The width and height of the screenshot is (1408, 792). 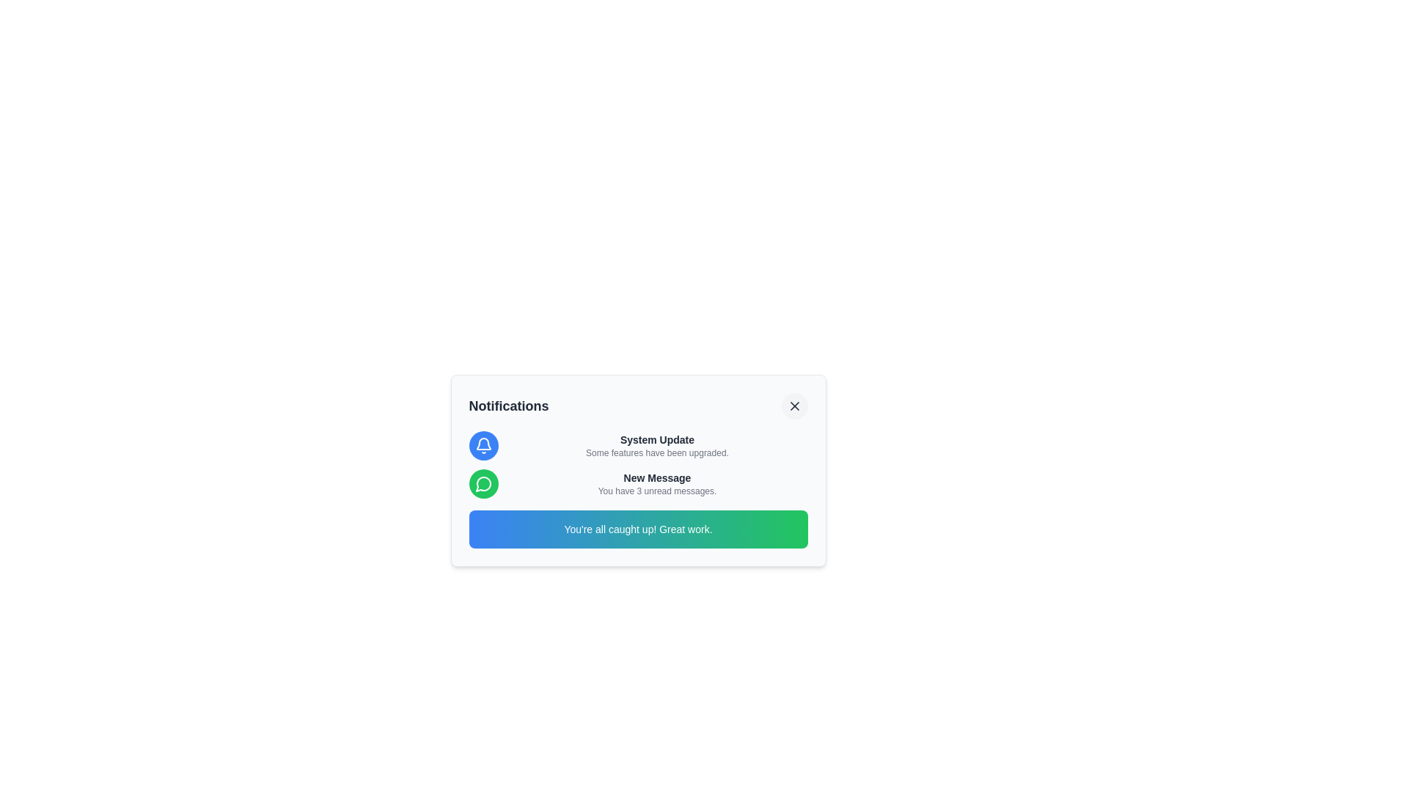 What do you see at coordinates (656, 483) in the screenshot?
I see `the notification preview element that displays new message activity, positioned above the 'You're all caught up! Great work!' button and to the right of a green circular icon` at bounding box center [656, 483].